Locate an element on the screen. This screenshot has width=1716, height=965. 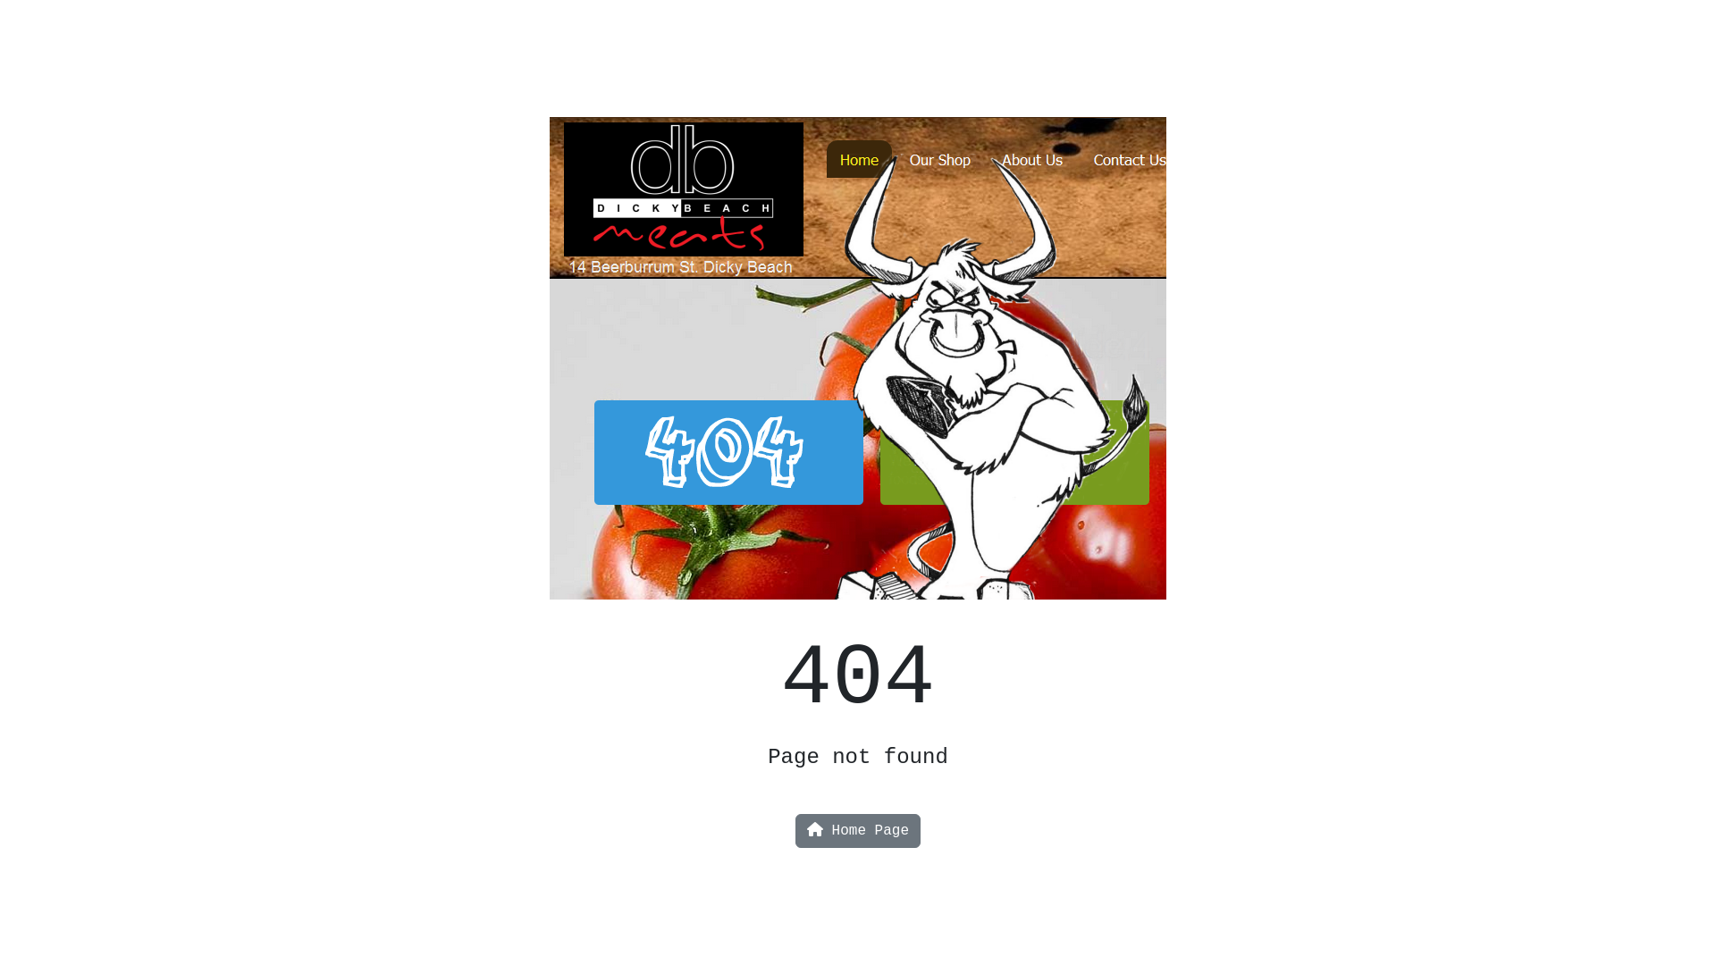
'Home Page' is located at coordinates (858, 830).